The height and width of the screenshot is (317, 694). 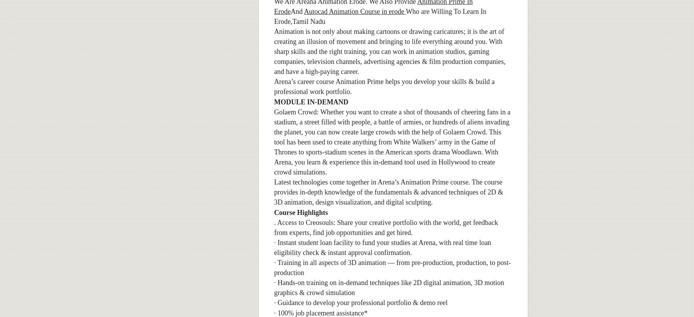 What do you see at coordinates (354, 10) in the screenshot?
I see `'Autocad Animation Course in erode'` at bounding box center [354, 10].